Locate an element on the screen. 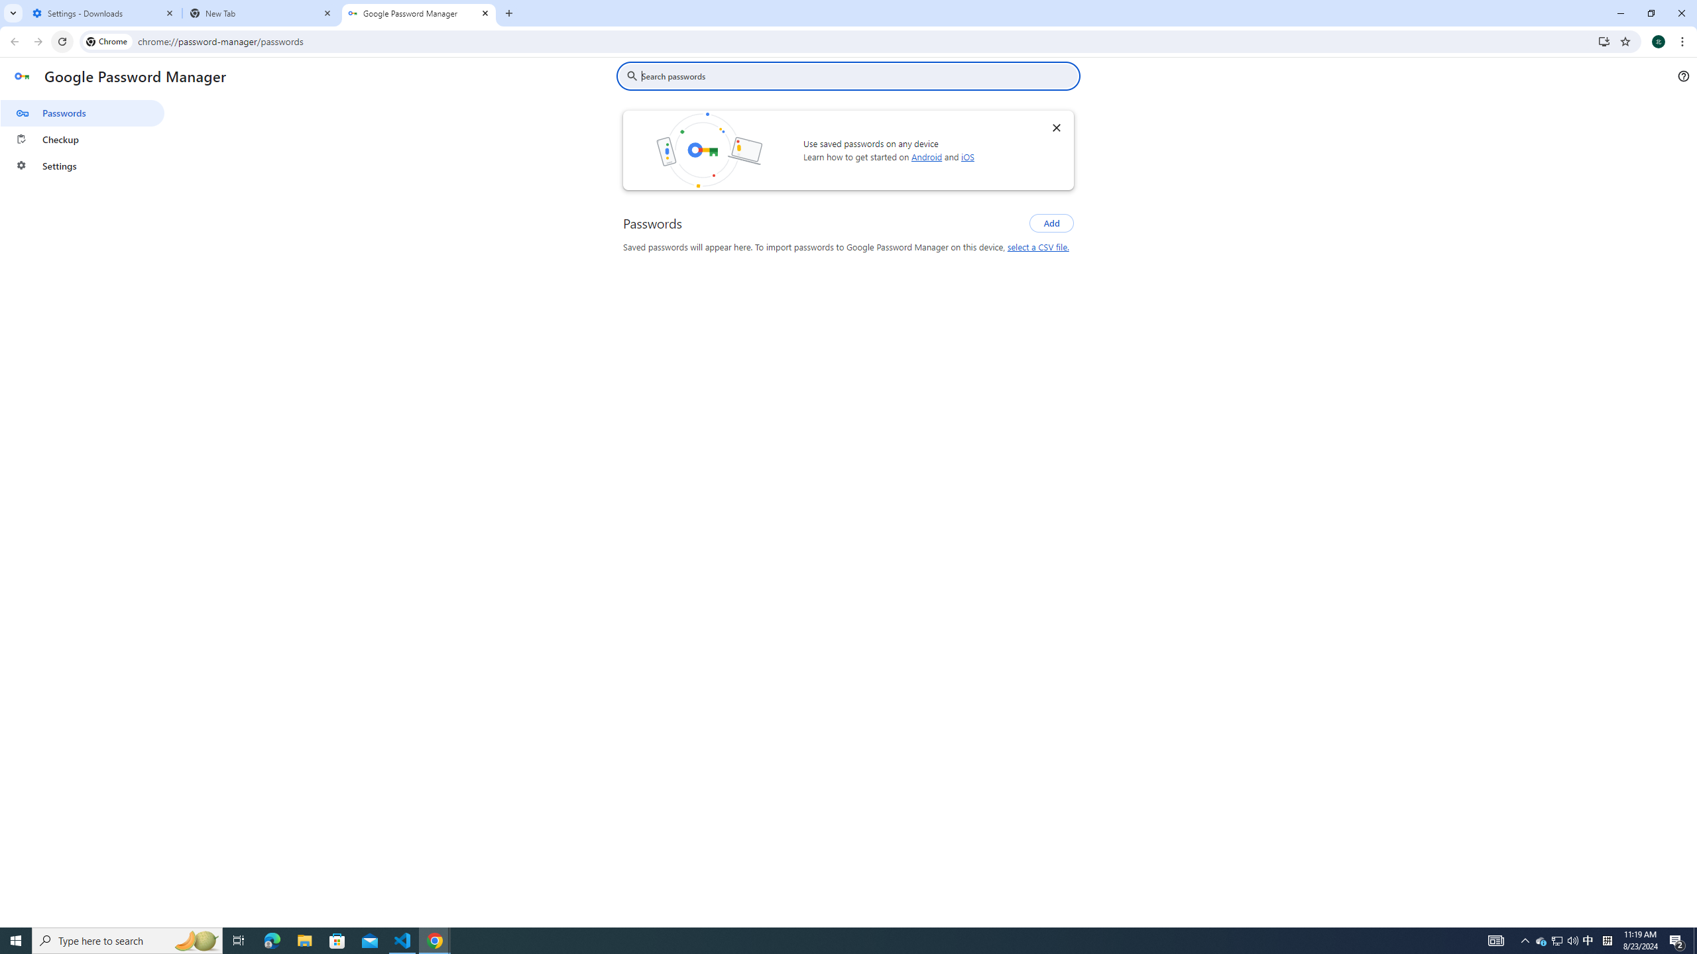  'Dismiss recommendation' is located at coordinates (1056, 127).